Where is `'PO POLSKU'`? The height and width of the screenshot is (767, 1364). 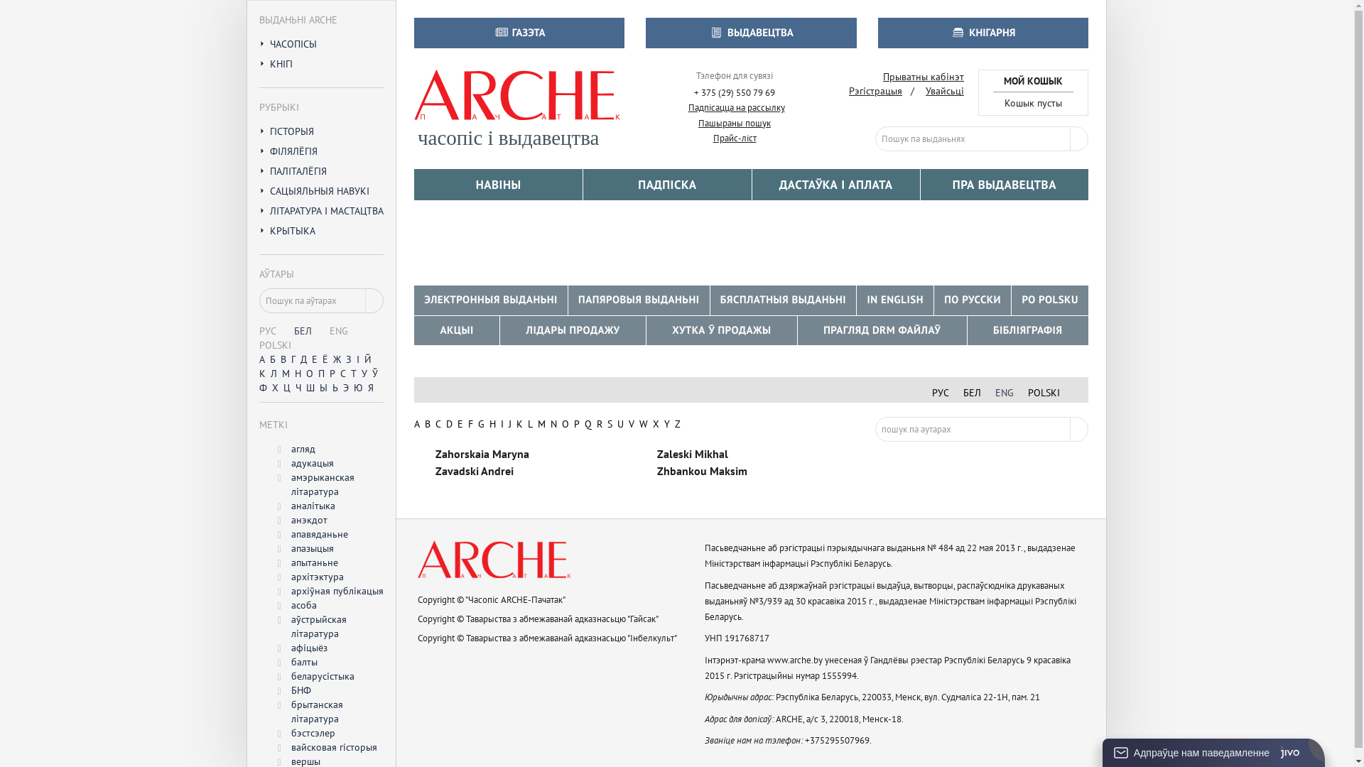 'PO POLSKU' is located at coordinates (1050, 299).